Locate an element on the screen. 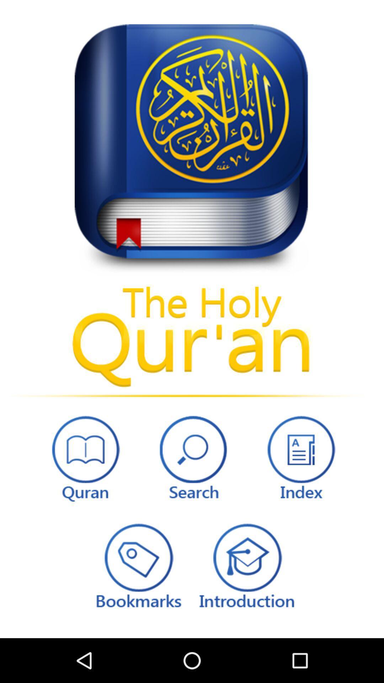 This screenshot has width=384, height=683. introduction to the holy quran is located at coordinates (246, 565).